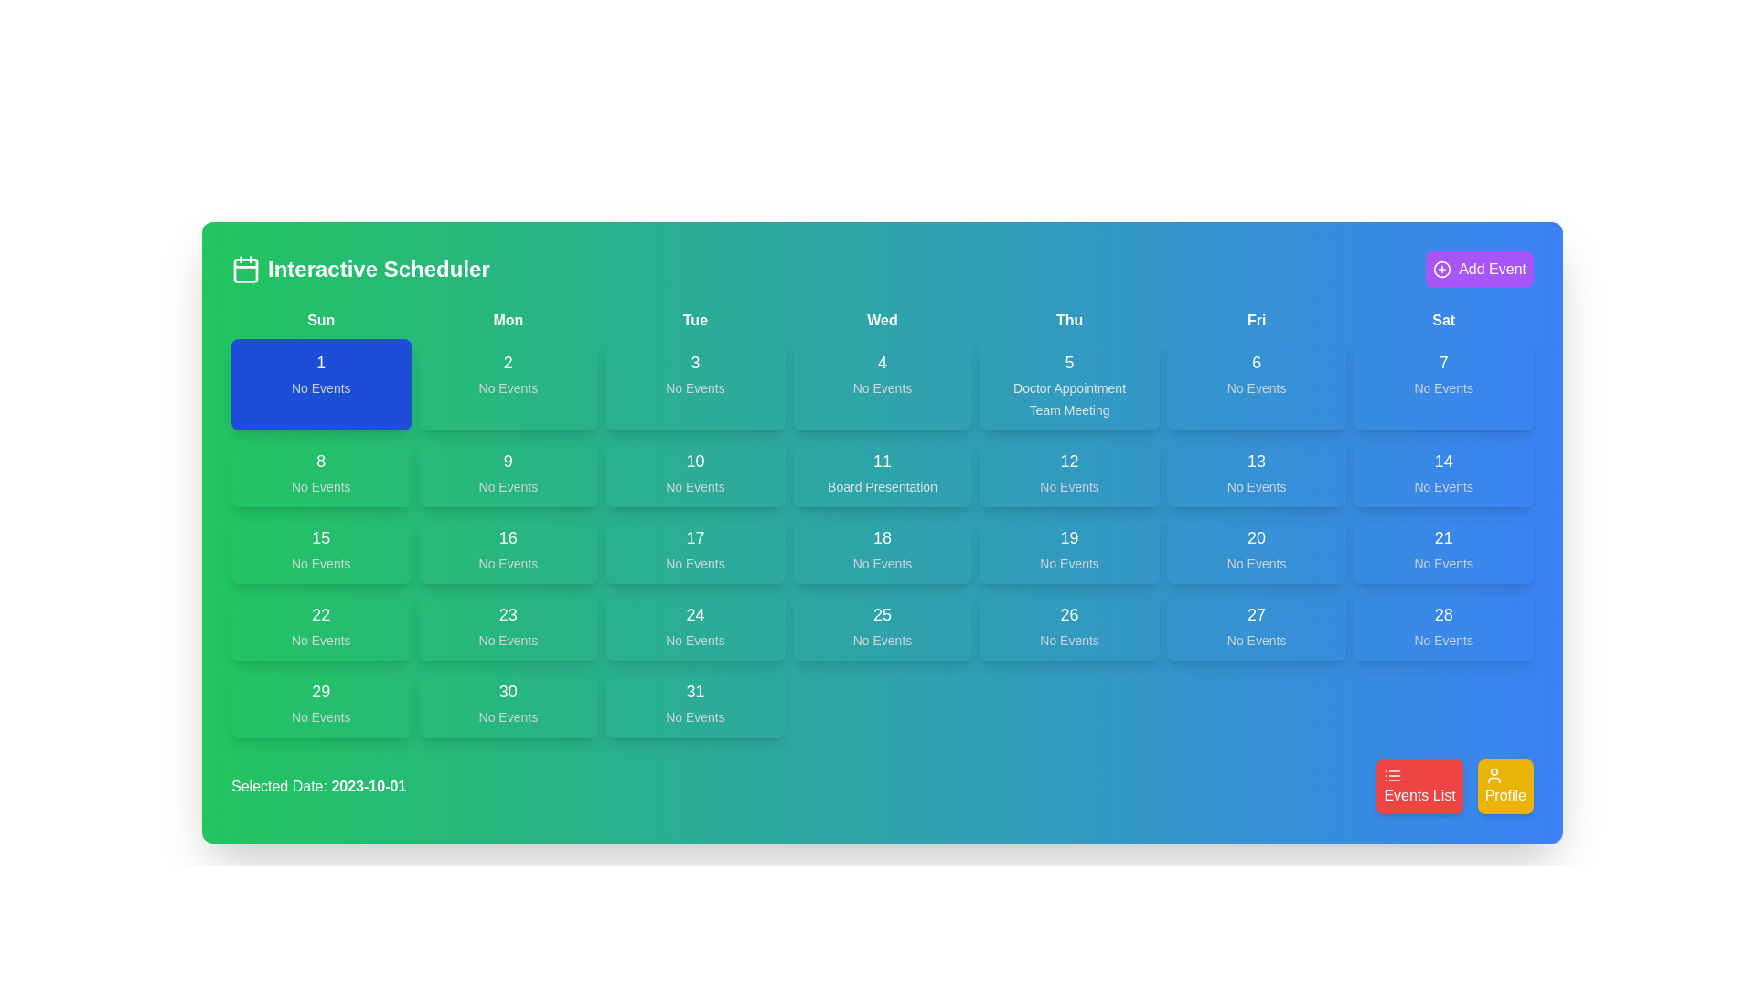 The height and width of the screenshot is (987, 1756). I want to click on the static text indicator displaying 'No Events', which is located below the bold number '26' in the calendar interface, so click(1069, 640).